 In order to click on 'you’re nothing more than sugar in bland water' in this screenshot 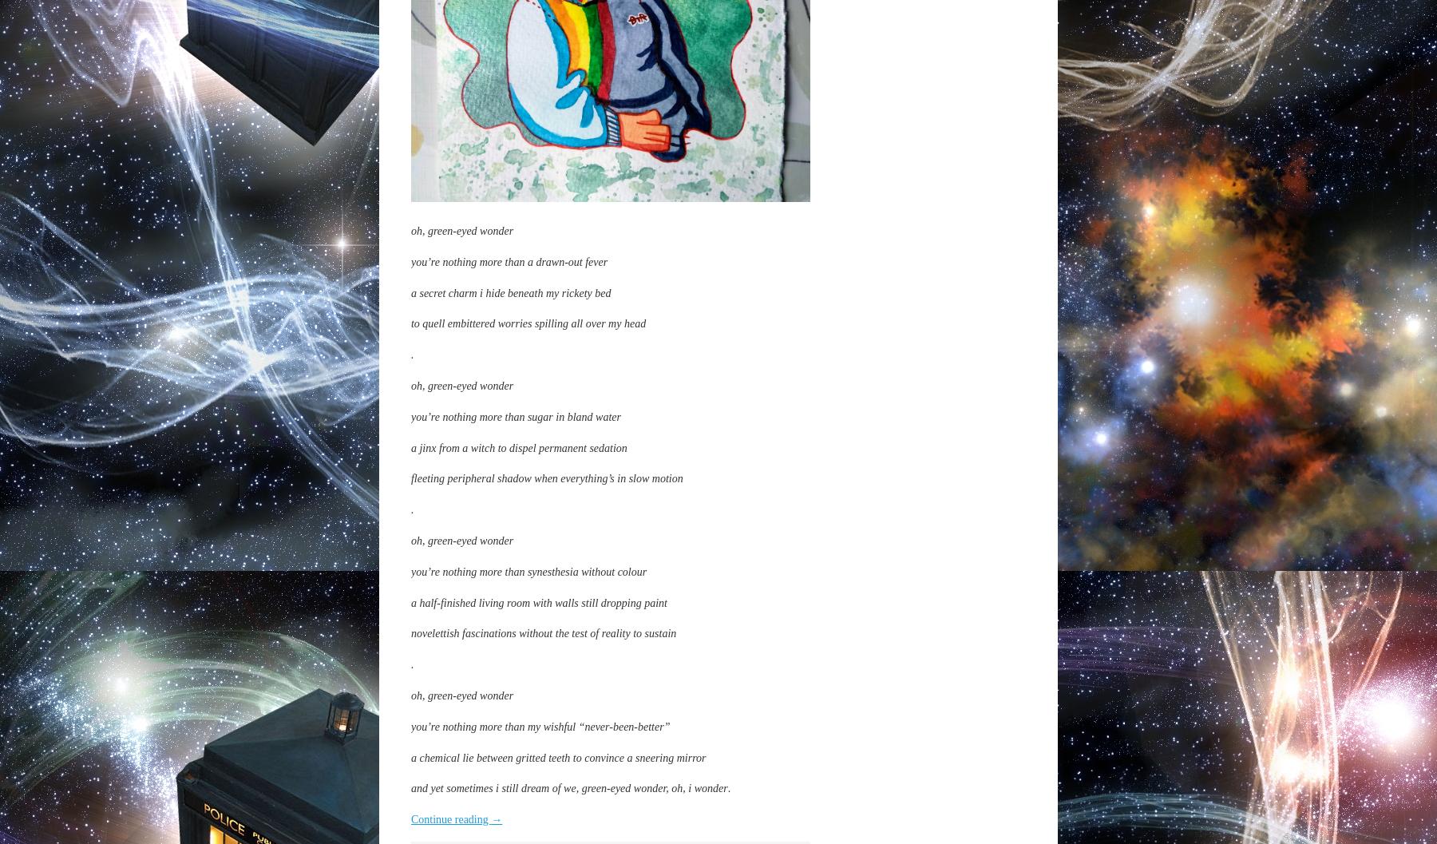, I will do `click(515, 416)`.